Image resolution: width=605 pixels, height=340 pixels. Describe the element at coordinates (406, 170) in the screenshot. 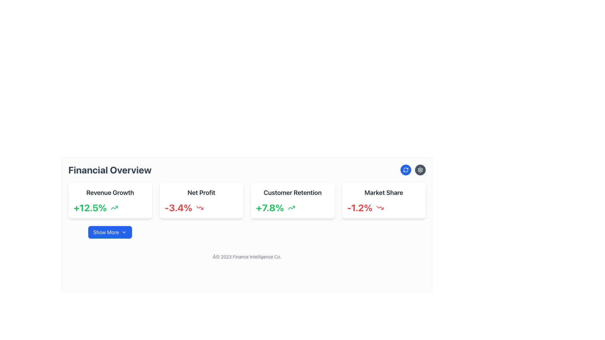

I see `the circular refresh button with a blue background and a white refresh arrow icon located in the right corner of the UI to refresh the content` at that location.